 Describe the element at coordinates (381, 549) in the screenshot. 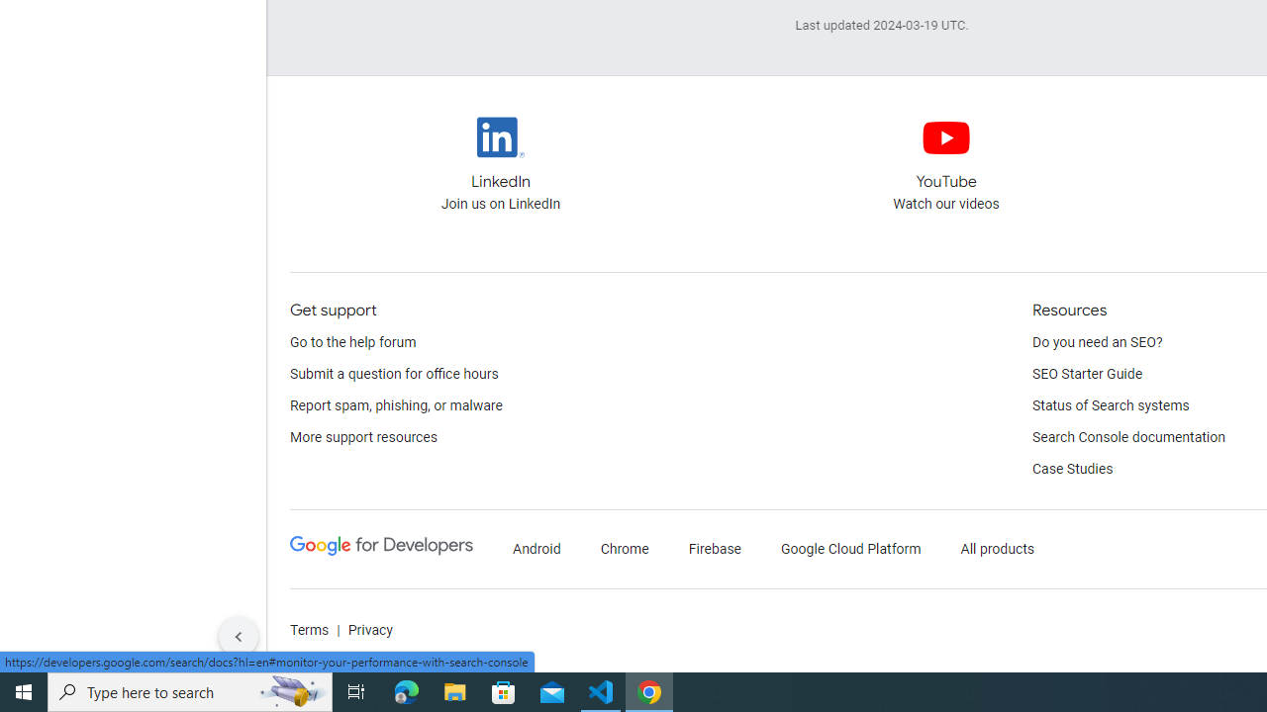

I see `'Google Developers'` at that location.